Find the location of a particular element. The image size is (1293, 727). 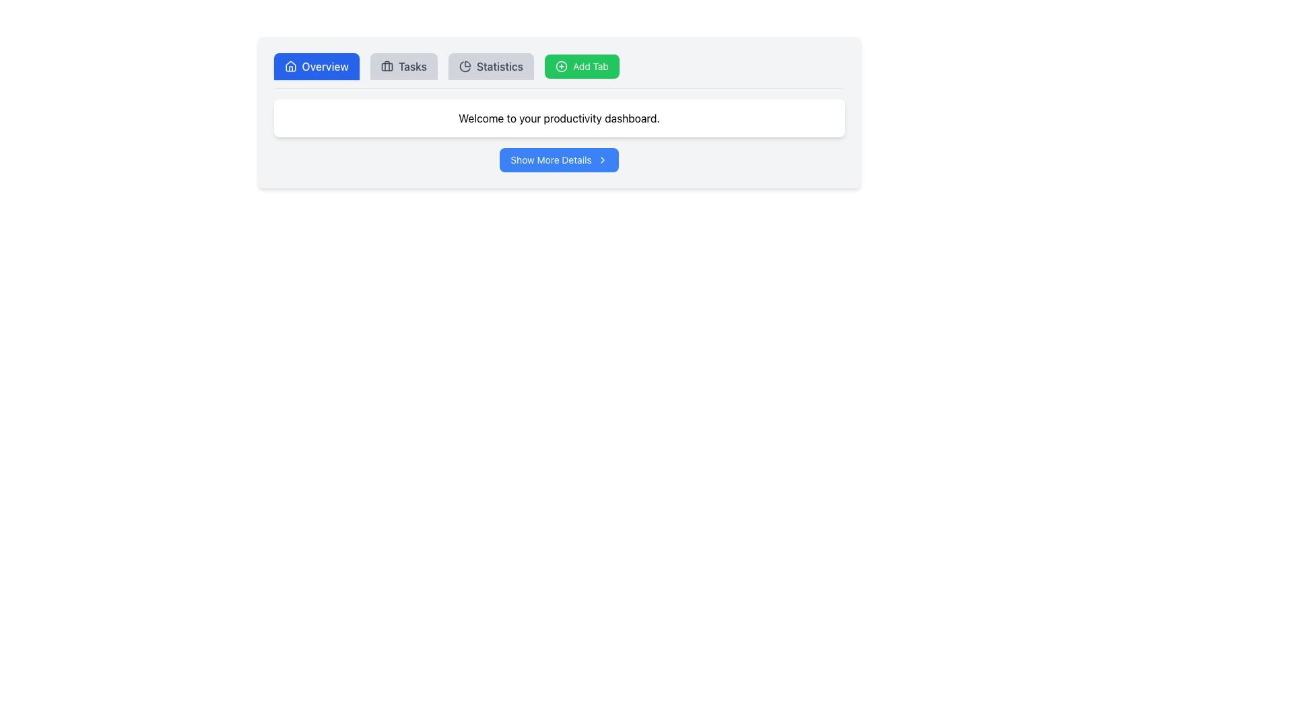

the rectangle inside the SVG illustration that is part of the 'Tasks' button in the toolbar at the top of the page is located at coordinates (386, 67).